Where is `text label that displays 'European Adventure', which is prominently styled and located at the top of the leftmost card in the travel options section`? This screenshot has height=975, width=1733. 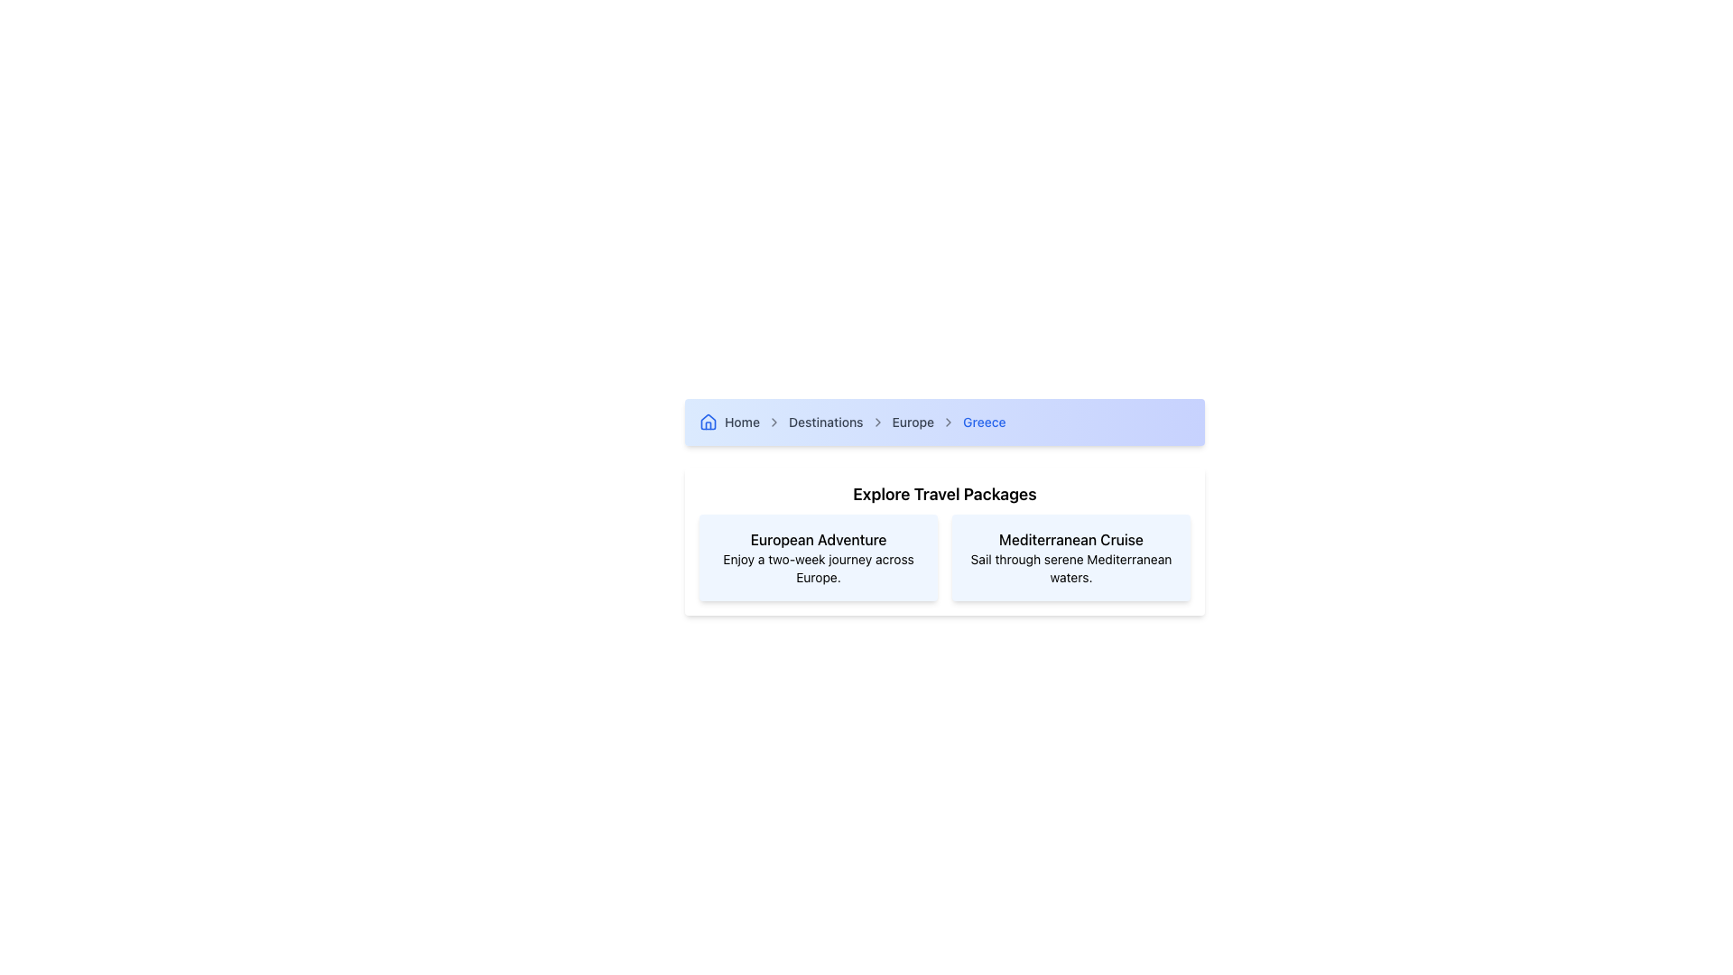
text label that displays 'European Adventure', which is prominently styled and located at the top of the leftmost card in the travel options section is located at coordinates (818, 538).